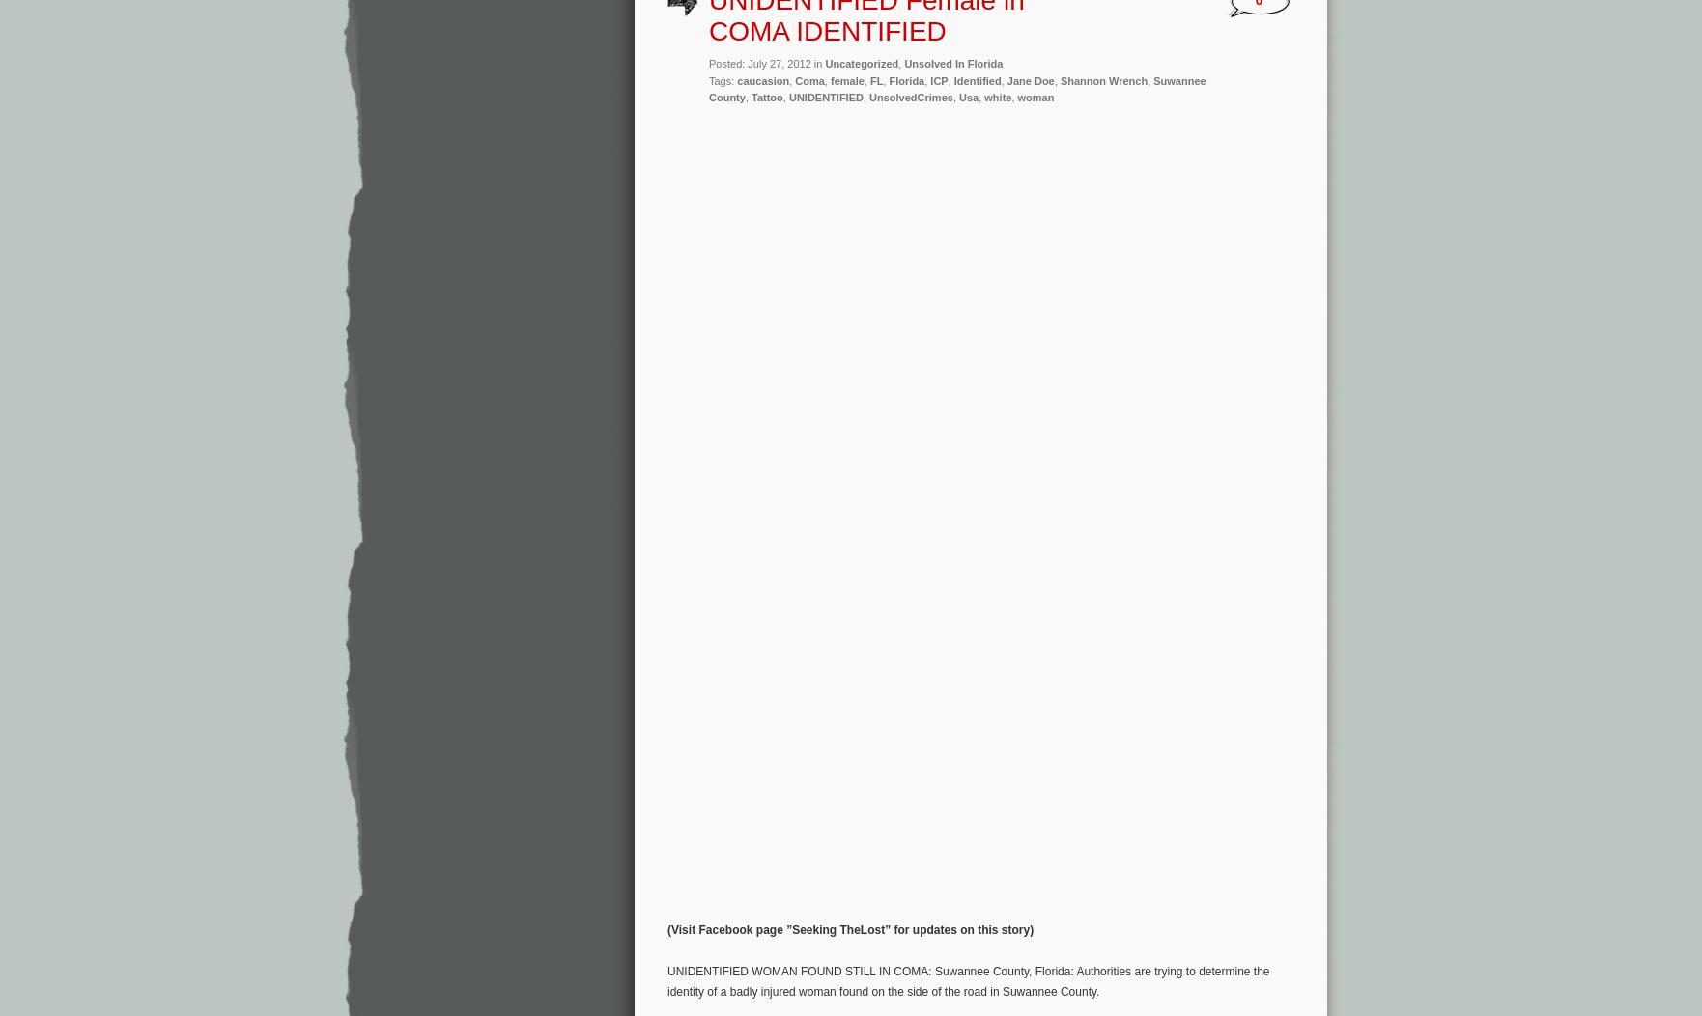  I want to click on 'Florida', so click(888, 79).